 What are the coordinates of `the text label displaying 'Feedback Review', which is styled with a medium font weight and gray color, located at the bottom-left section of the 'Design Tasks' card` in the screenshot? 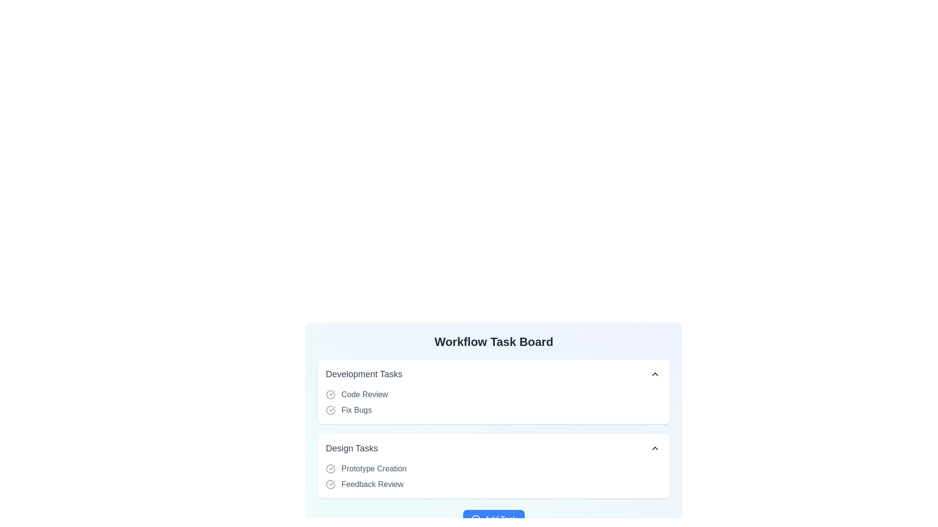 It's located at (372, 484).